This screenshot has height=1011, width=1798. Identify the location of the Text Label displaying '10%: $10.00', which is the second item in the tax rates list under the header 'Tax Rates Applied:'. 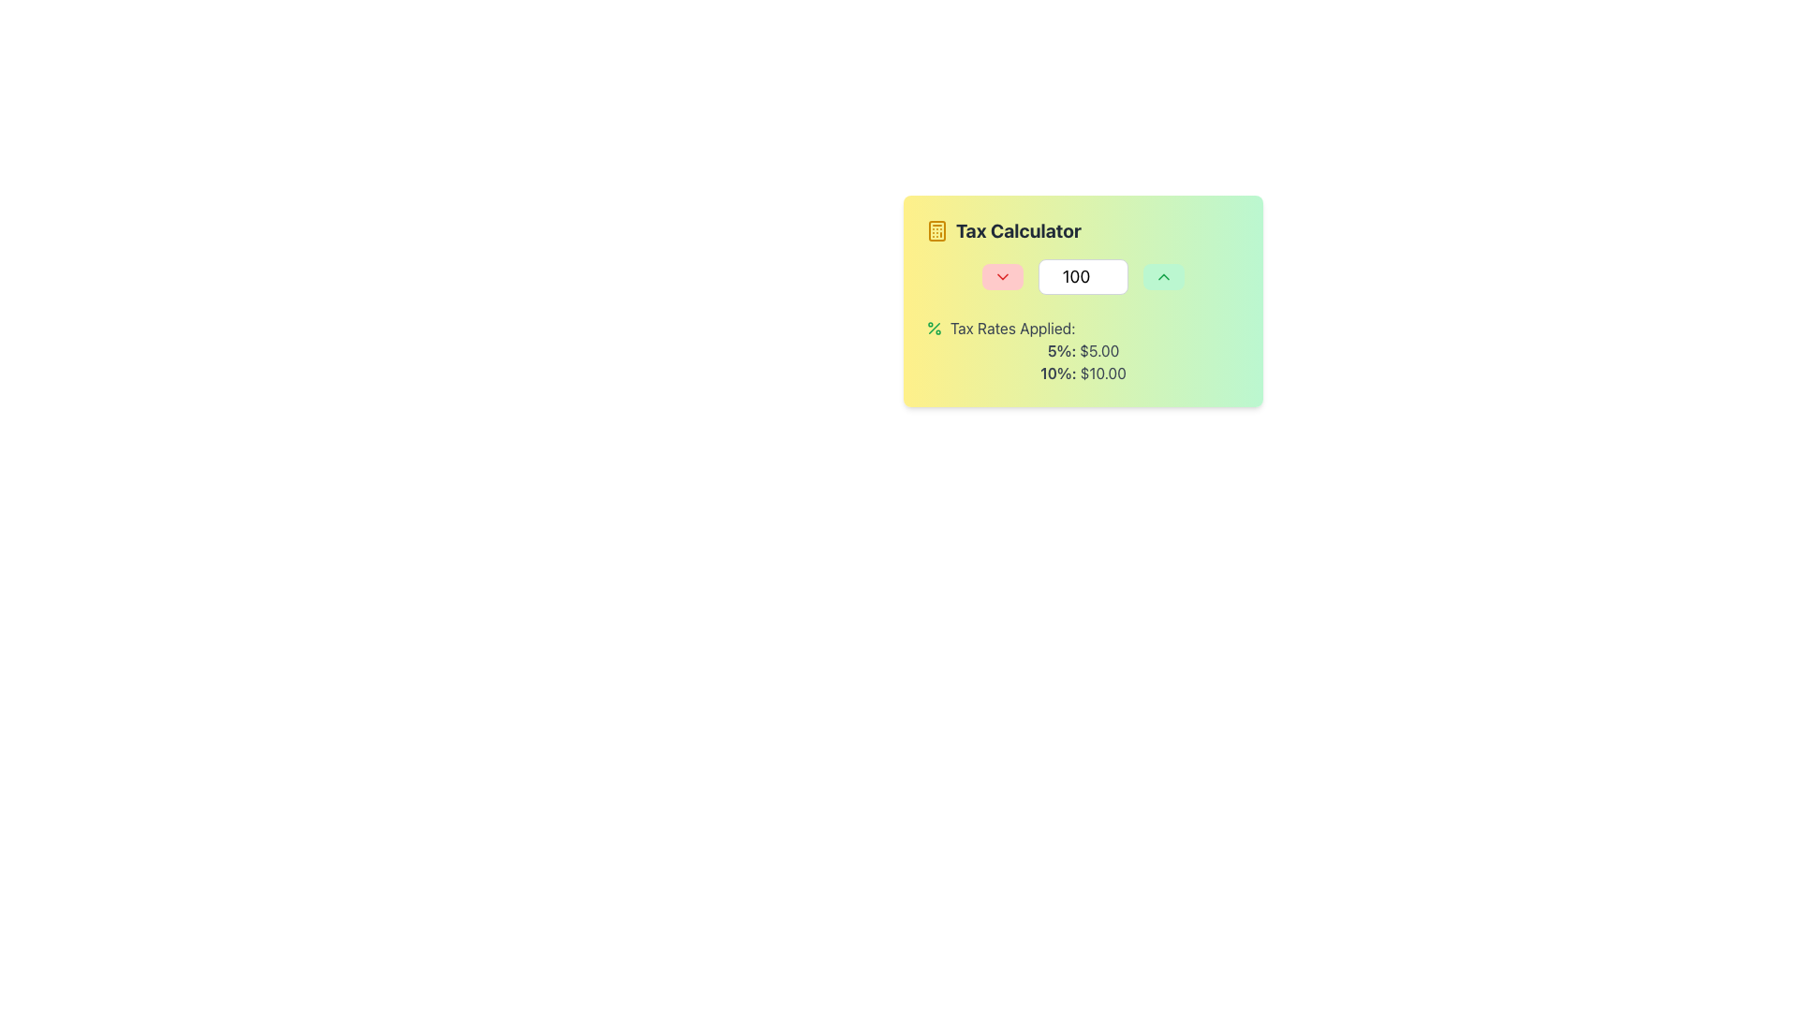
(1083, 373).